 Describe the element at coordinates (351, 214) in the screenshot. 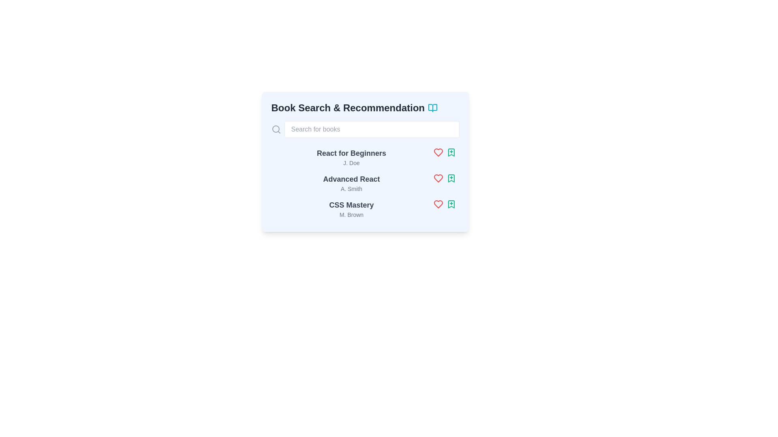

I see `the text label displaying 'M. Brown' which is styled in gray and located beneath the heading 'CSS Mastery'` at that location.